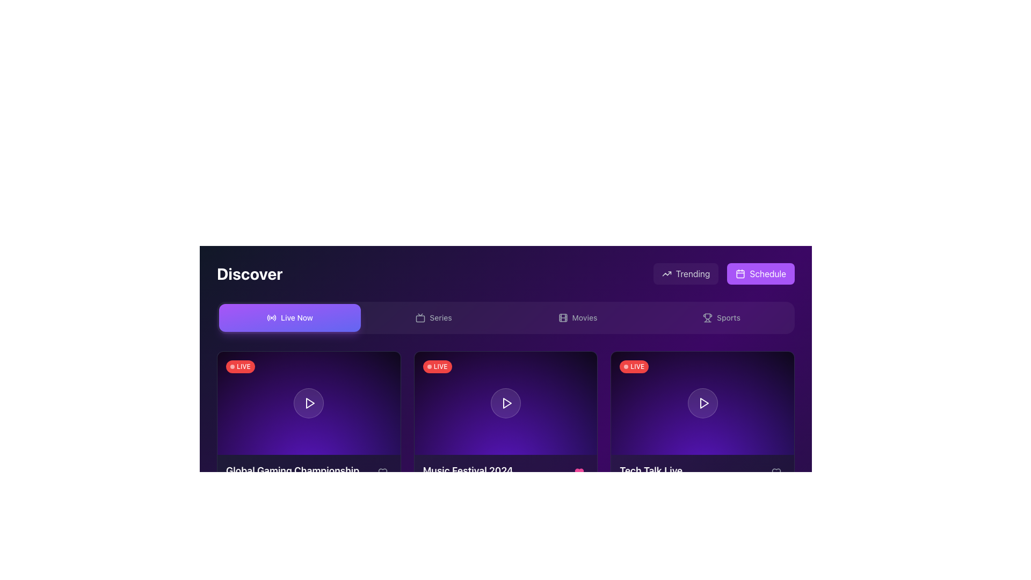 This screenshot has width=1031, height=580. What do you see at coordinates (249, 273) in the screenshot?
I see `the bold, large-sized text label displaying the word 'Discover', styled in white against a dark background, located in the top-left corner of the page layout` at bounding box center [249, 273].